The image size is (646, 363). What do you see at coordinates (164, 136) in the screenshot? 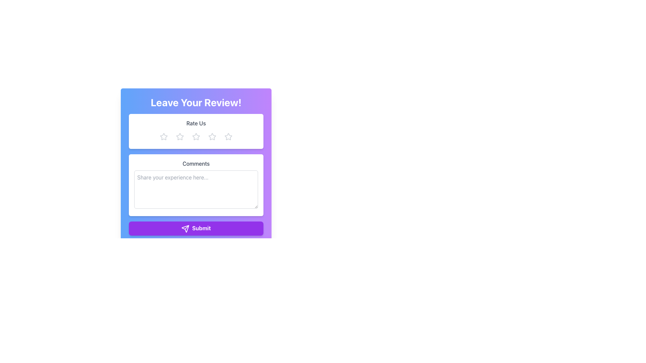
I see `the first star rating button in the 'Rate Us' section` at bounding box center [164, 136].